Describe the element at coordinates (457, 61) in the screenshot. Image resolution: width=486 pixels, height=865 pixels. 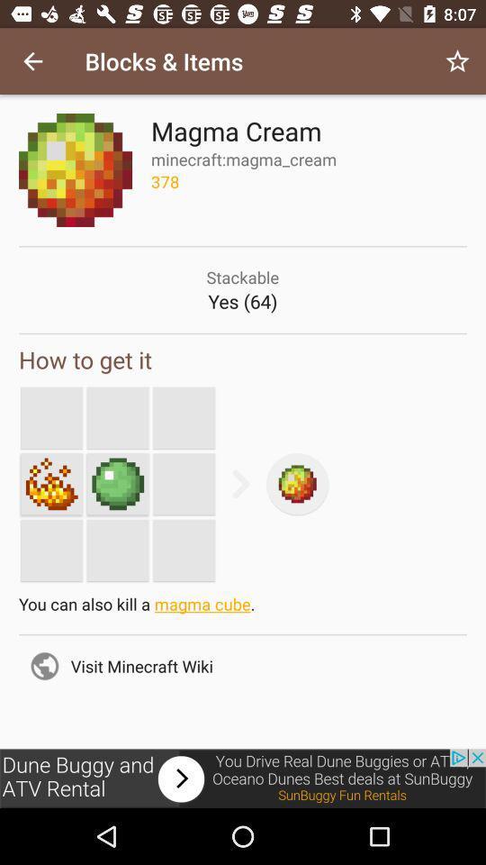
I see `the icon to the right of blocks & items icon` at that location.